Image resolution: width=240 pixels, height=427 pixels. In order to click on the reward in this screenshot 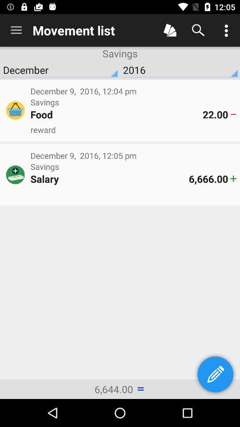, I will do `click(133, 129)`.